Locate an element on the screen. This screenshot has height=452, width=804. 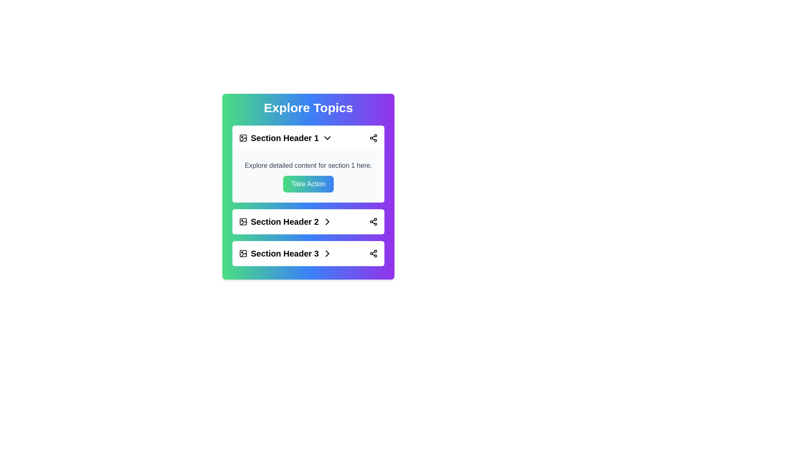
the Chevron icon indicating navigation for 'Section Header 3' is located at coordinates (327, 221).